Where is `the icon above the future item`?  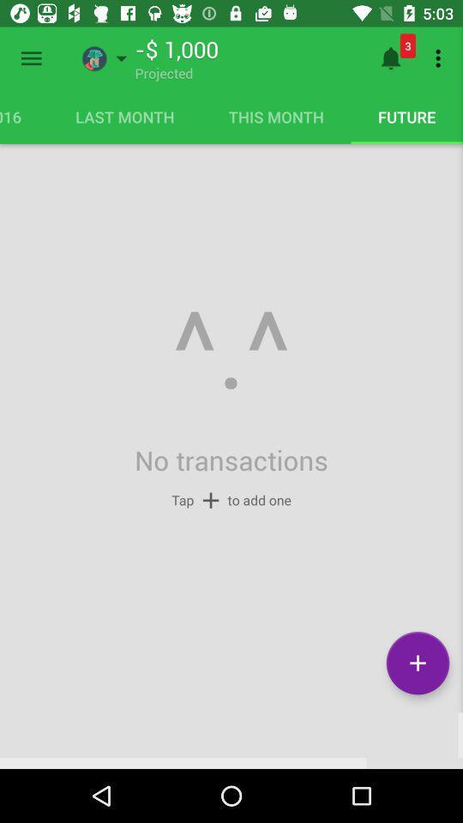 the icon above the future item is located at coordinates (440, 58).